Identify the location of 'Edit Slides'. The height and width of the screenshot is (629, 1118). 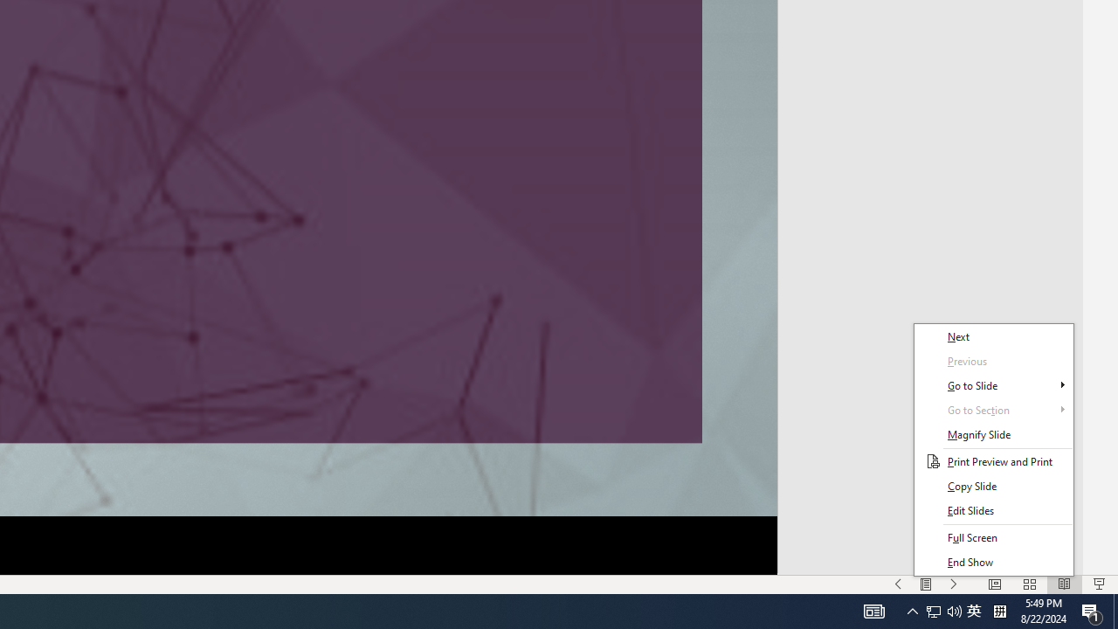
(993, 511).